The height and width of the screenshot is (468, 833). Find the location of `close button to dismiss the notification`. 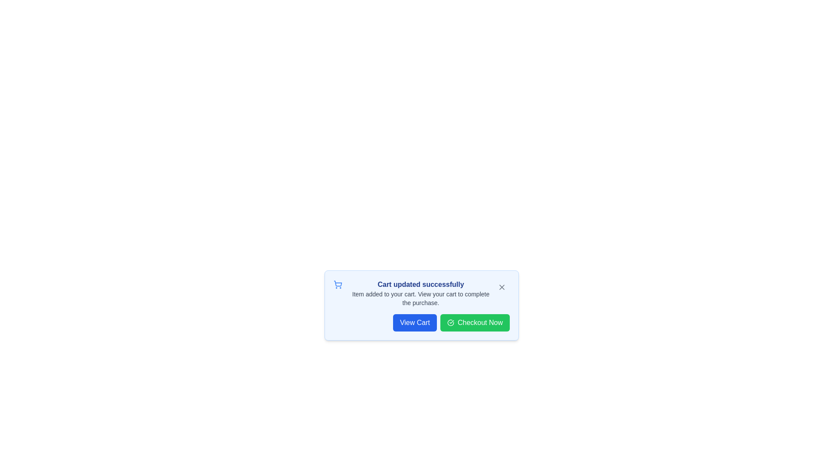

close button to dismiss the notification is located at coordinates (502, 287).